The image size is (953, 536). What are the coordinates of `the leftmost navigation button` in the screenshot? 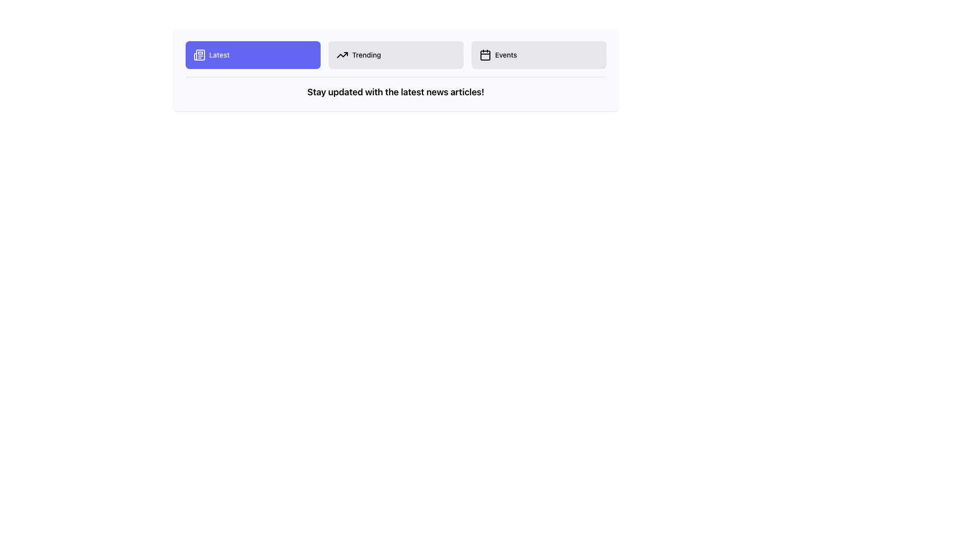 It's located at (253, 55).